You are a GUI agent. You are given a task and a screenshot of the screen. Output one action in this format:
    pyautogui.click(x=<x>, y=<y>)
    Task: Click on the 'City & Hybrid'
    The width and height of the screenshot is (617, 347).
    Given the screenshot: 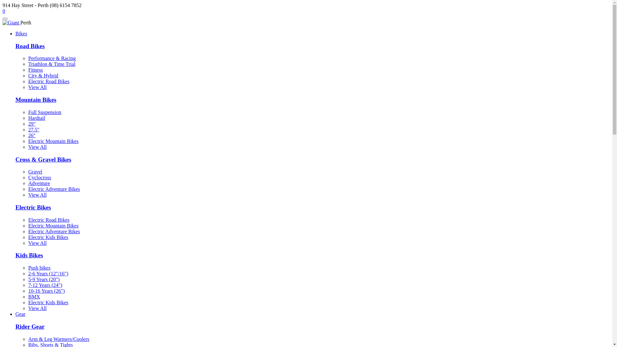 What is the action you would take?
    pyautogui.click(x=43, y=75)
    